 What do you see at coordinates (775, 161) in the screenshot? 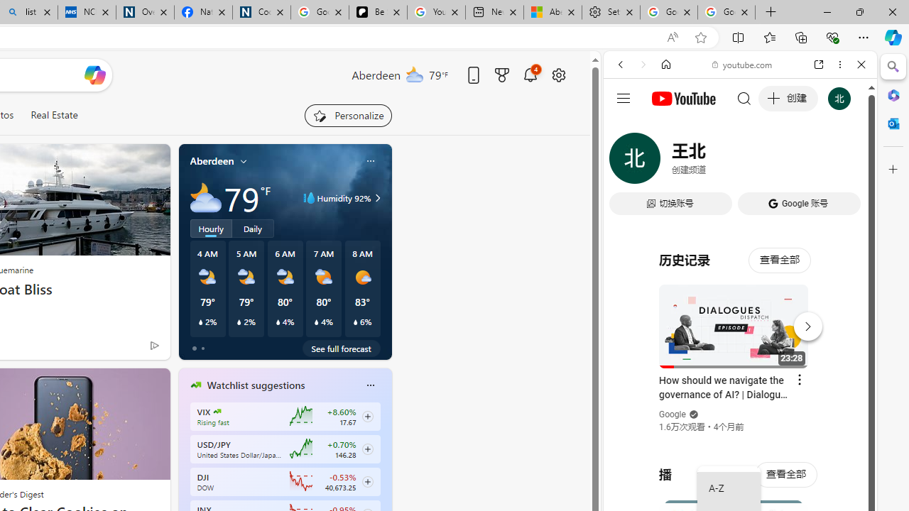
I see `'SEARCH TOOLS'` at bounding box center [775, 161].